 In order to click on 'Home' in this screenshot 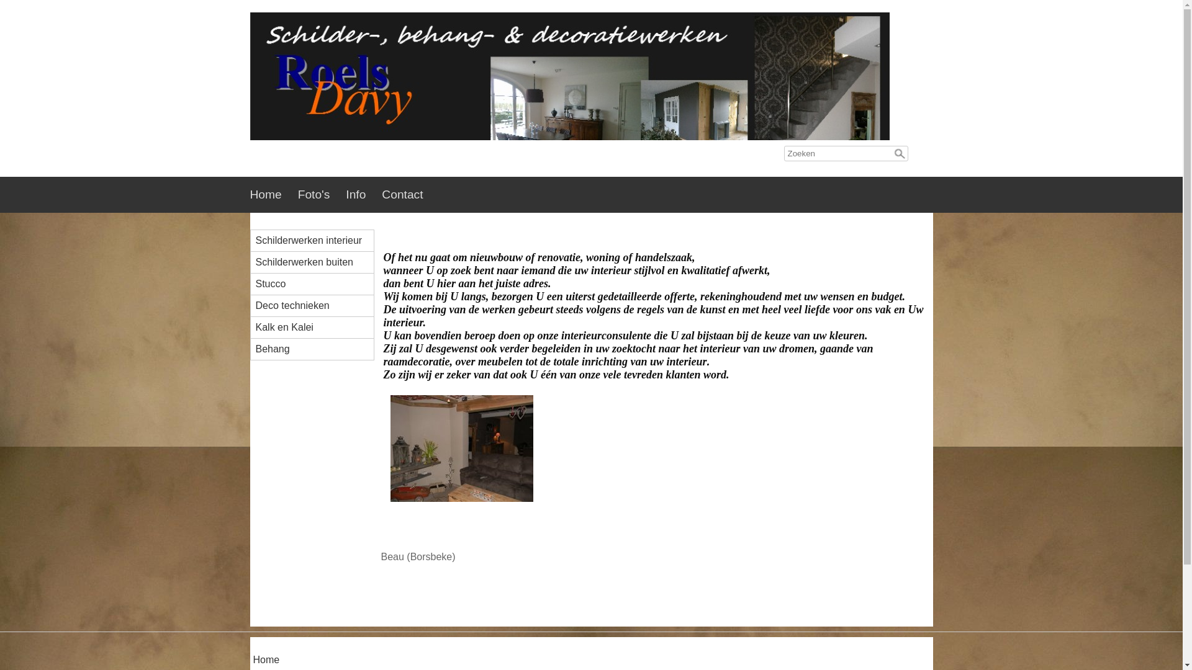, I will do `click(253, 659)`.